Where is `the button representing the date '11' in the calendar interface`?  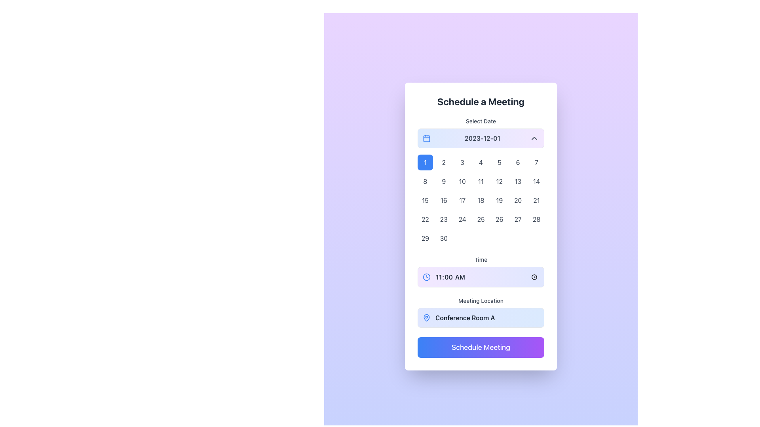 the button representing the date '11' in the calendar interface is located at coordinates (480, 181).